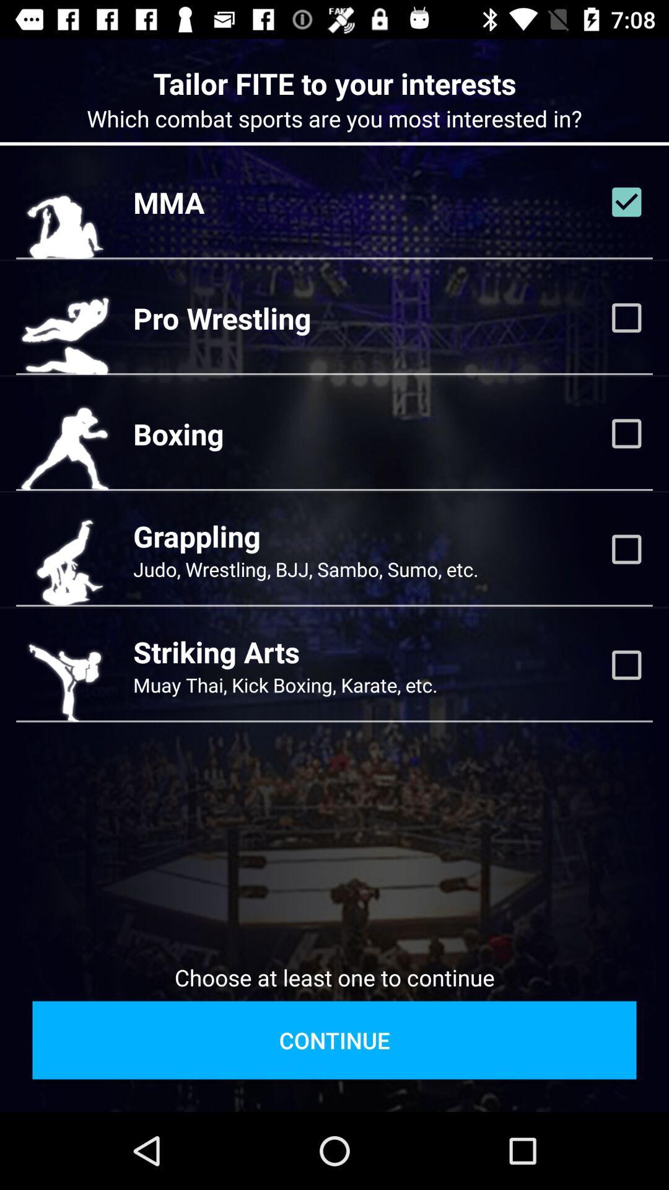  I want to click on pro wrestling item, so click(221, 318).